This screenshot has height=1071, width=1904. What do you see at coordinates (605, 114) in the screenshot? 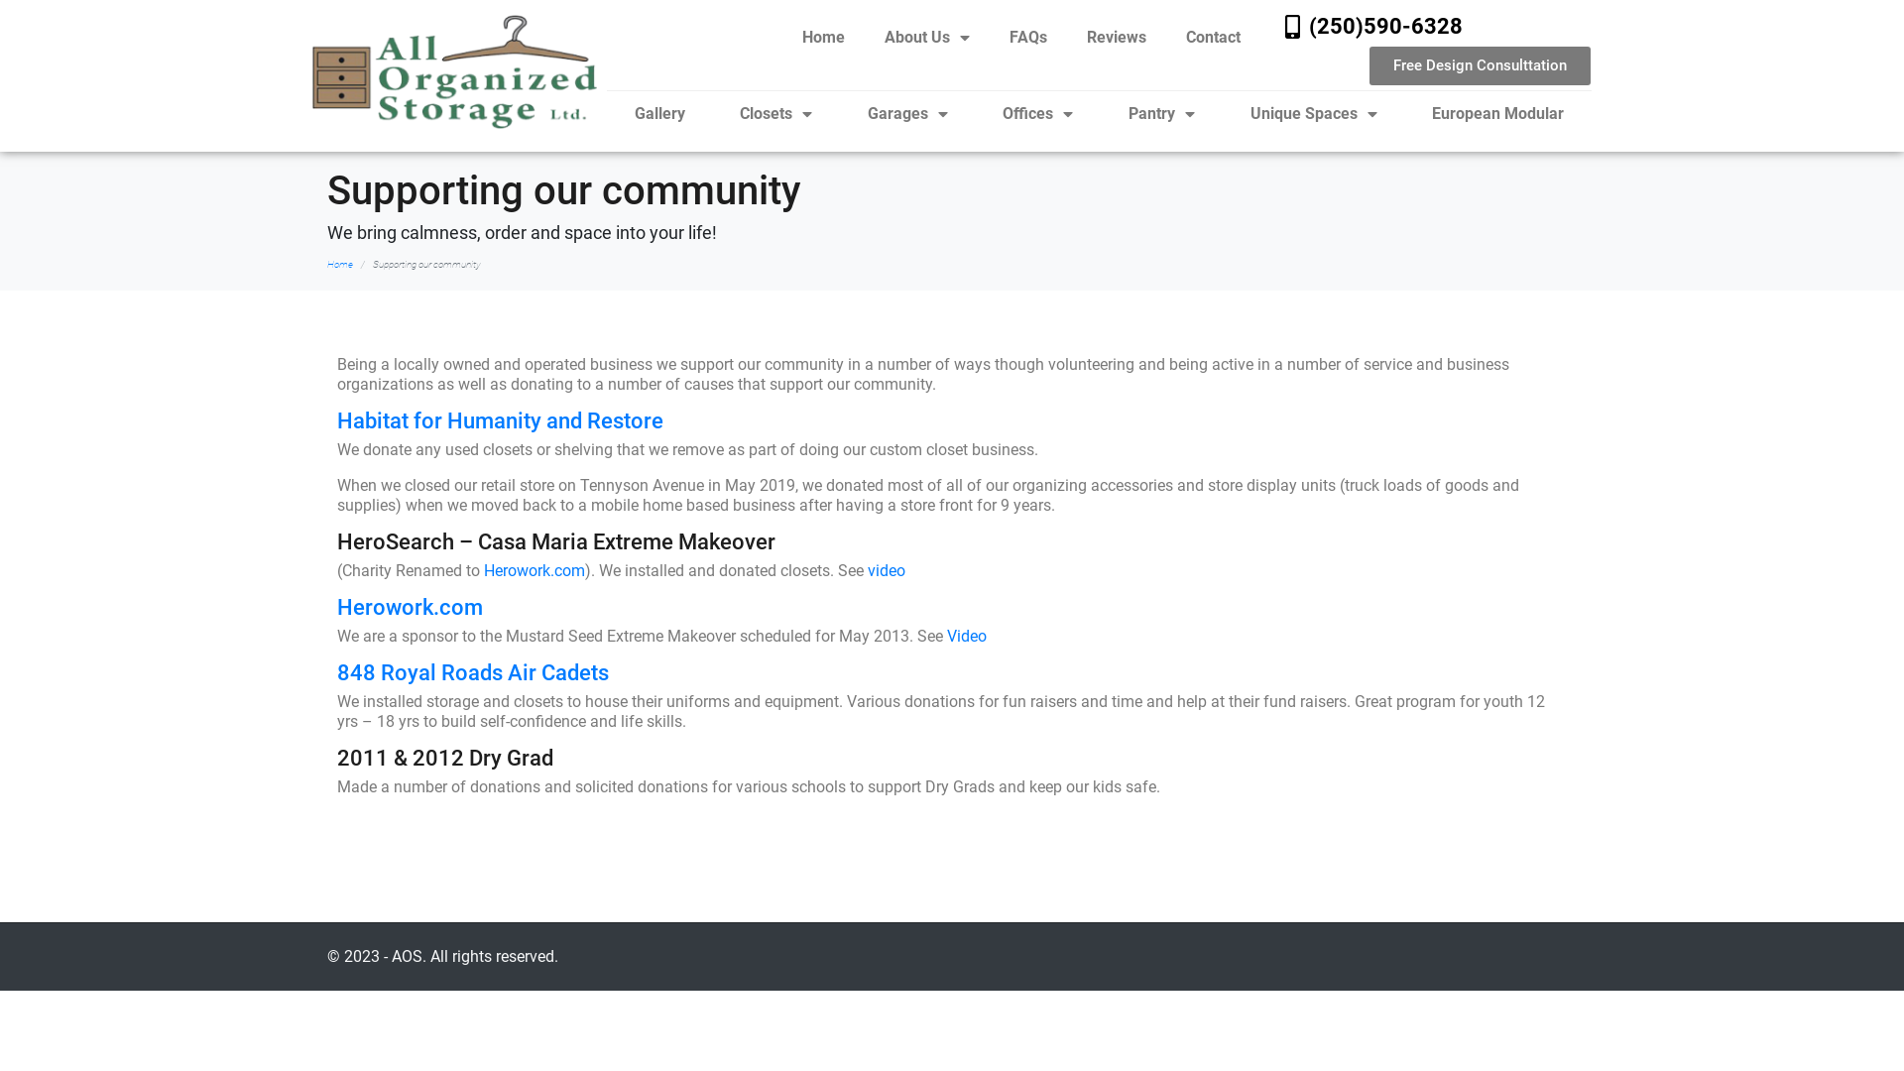
I see `'Gallery'` at bounding box center [605, 114].